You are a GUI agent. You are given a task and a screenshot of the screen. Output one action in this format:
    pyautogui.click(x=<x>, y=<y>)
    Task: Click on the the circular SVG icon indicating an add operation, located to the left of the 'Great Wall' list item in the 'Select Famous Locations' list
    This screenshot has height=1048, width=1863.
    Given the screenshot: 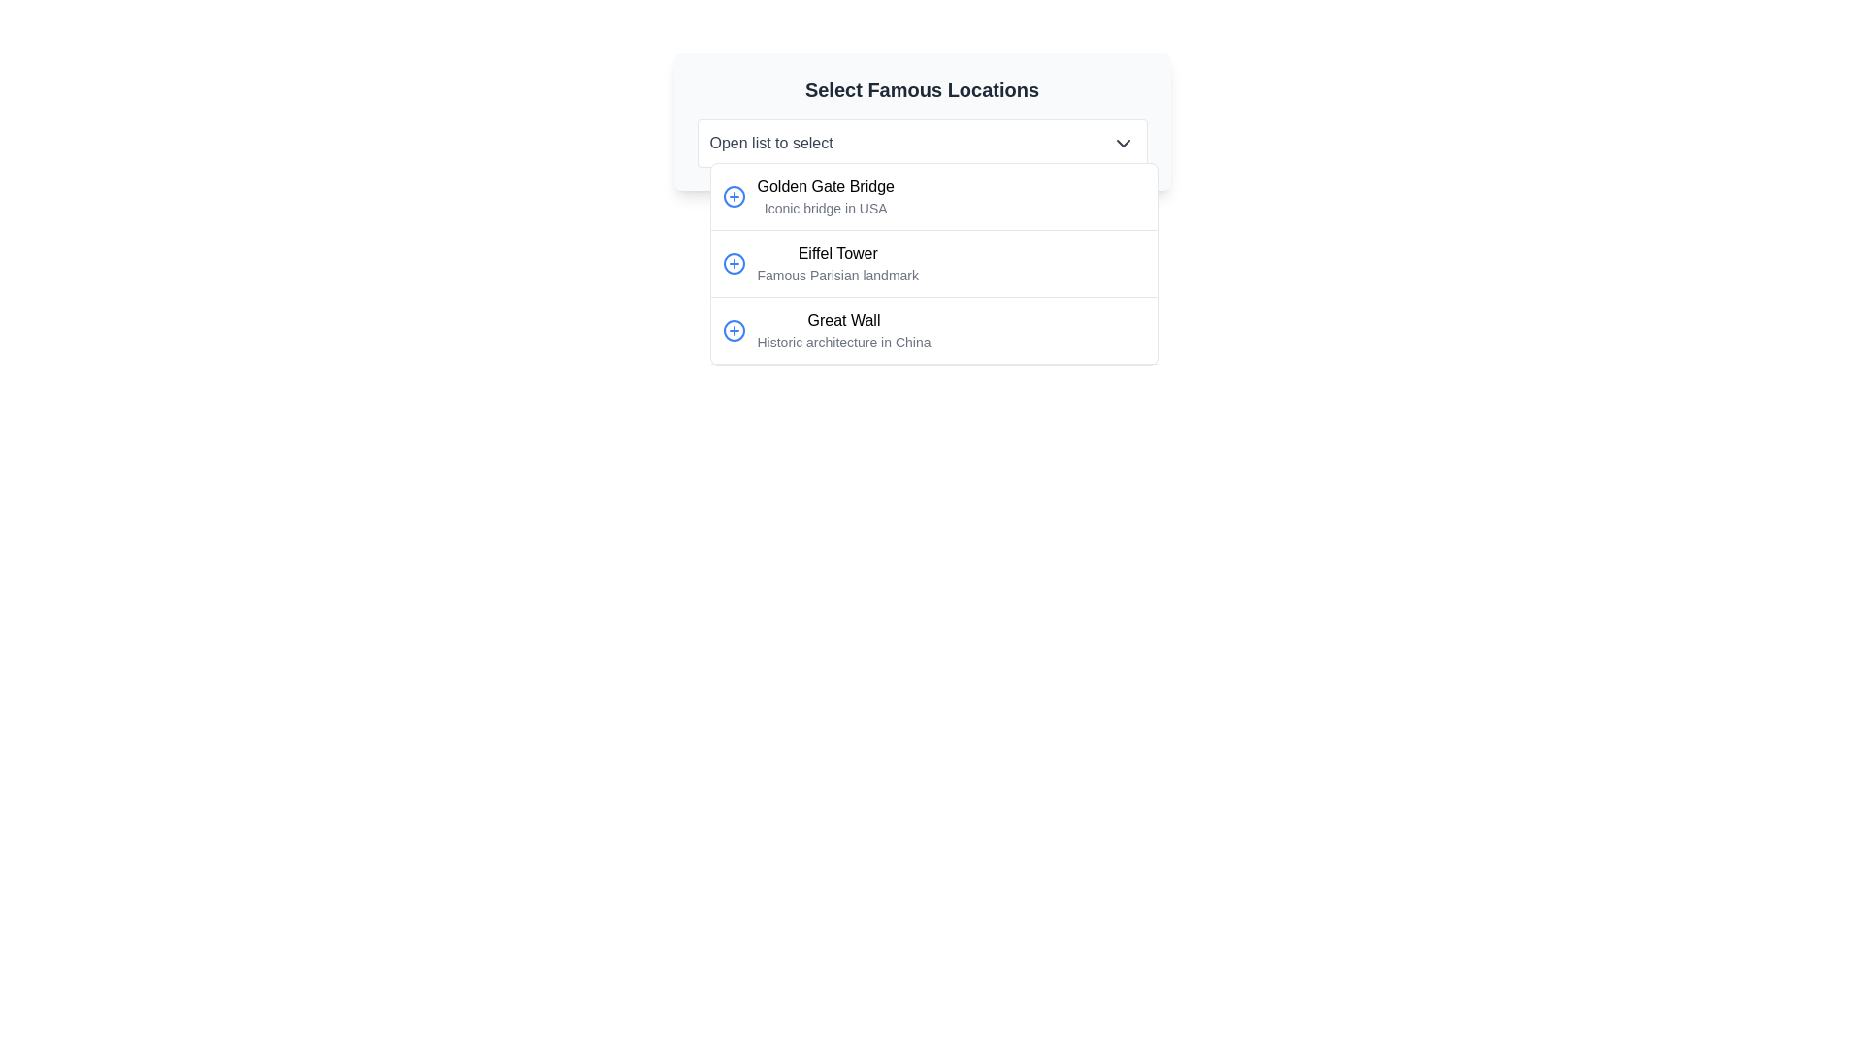 What is the action you would take?
    pyautogui.click(x=733, y=329)
    